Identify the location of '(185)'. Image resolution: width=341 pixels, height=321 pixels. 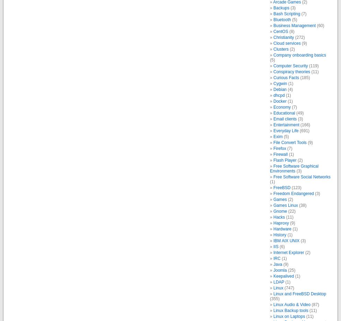
(304, 77).